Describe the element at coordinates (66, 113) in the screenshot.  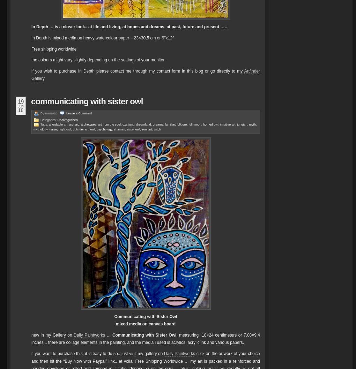
I see `'Leave a'` at that location.